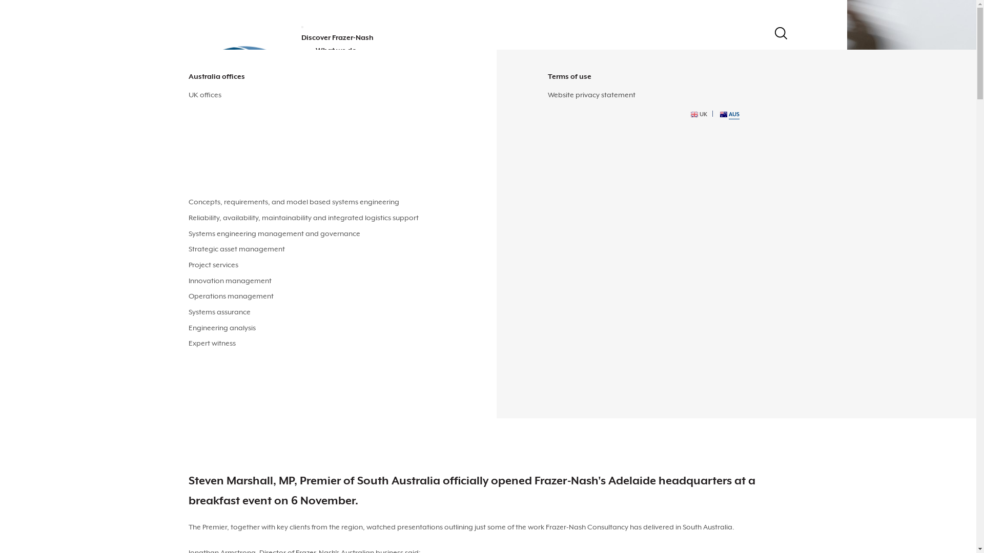  What do you see at coordinates (189, 76) in the screenshot?
I see `'Australia offices'` at bounding box center [189, 76].